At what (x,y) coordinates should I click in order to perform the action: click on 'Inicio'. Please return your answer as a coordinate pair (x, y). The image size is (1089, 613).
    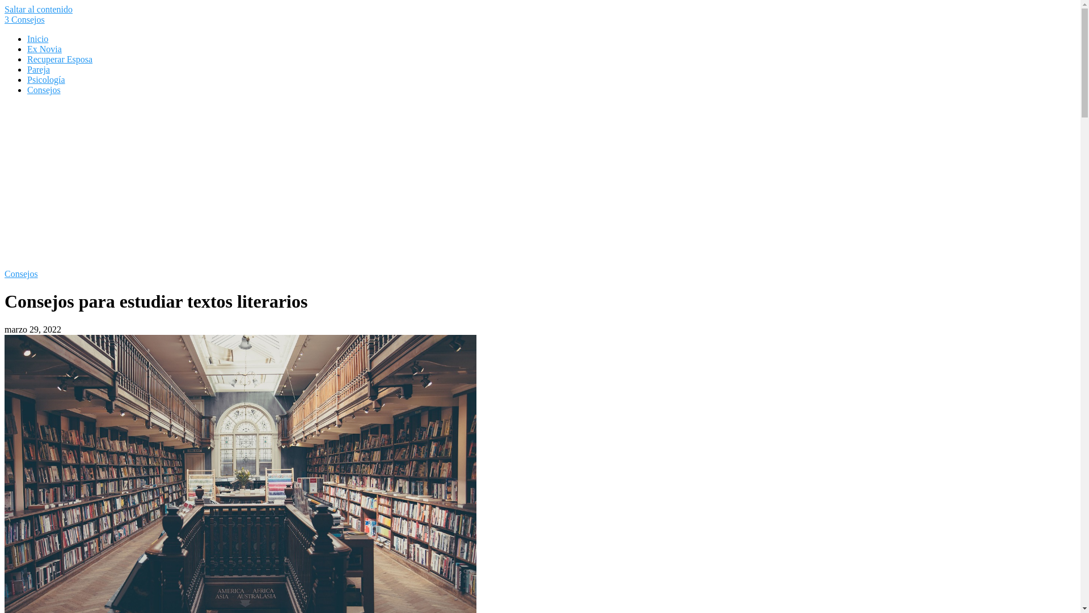
    Looking at the image, I should click on (37, 38).